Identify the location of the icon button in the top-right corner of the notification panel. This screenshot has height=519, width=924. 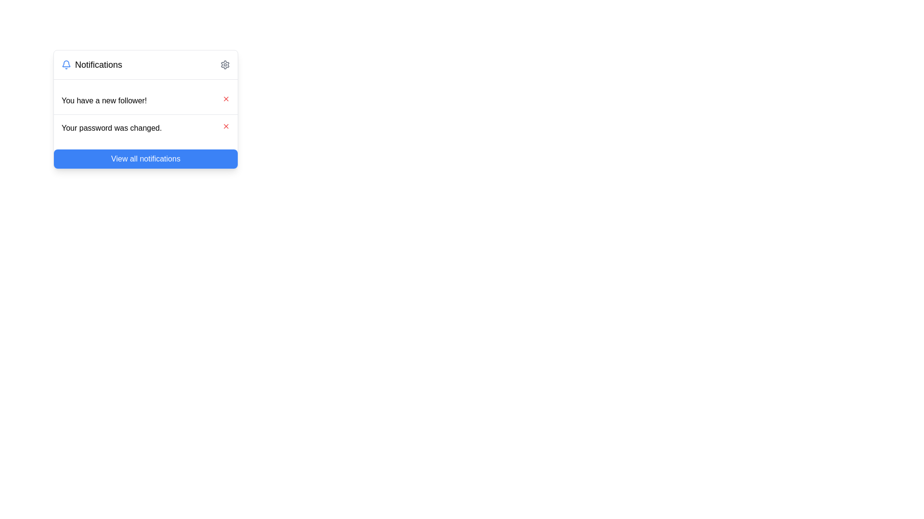
(224, 64).